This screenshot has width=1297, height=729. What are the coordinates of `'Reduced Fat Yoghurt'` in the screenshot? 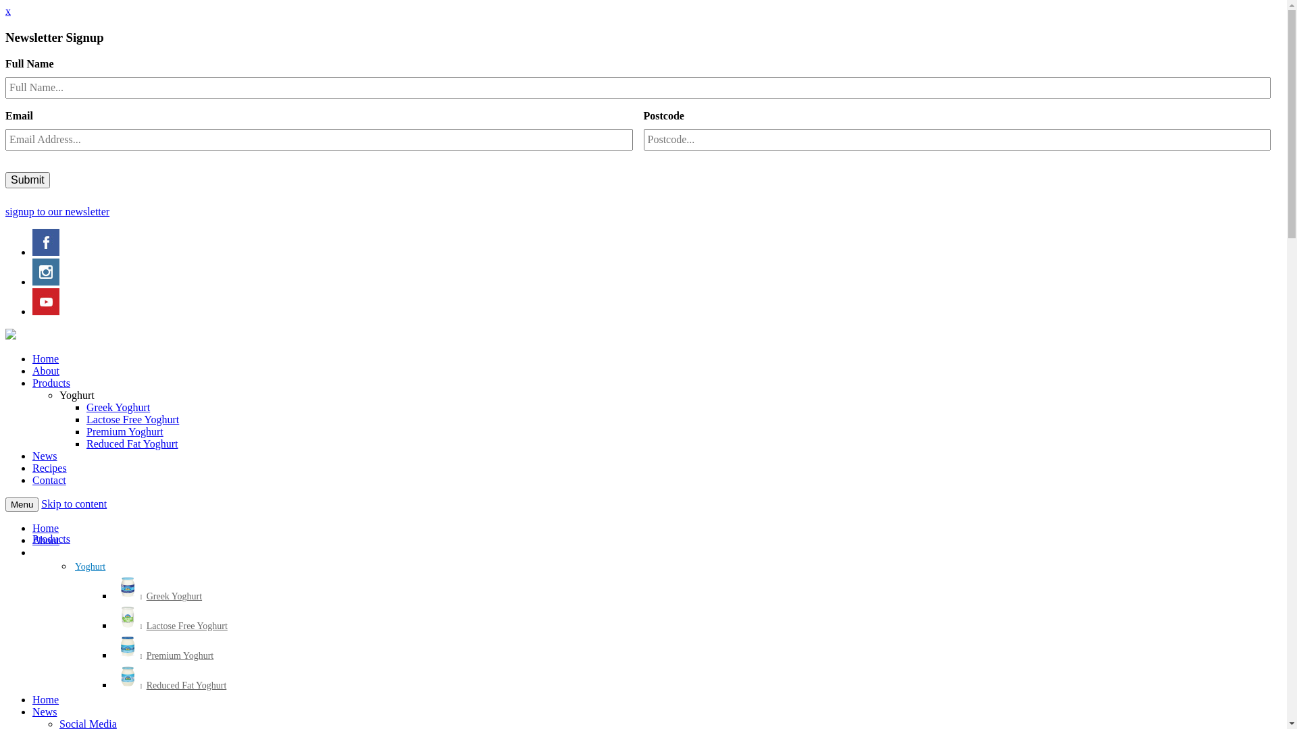 It's located at (170, 686).